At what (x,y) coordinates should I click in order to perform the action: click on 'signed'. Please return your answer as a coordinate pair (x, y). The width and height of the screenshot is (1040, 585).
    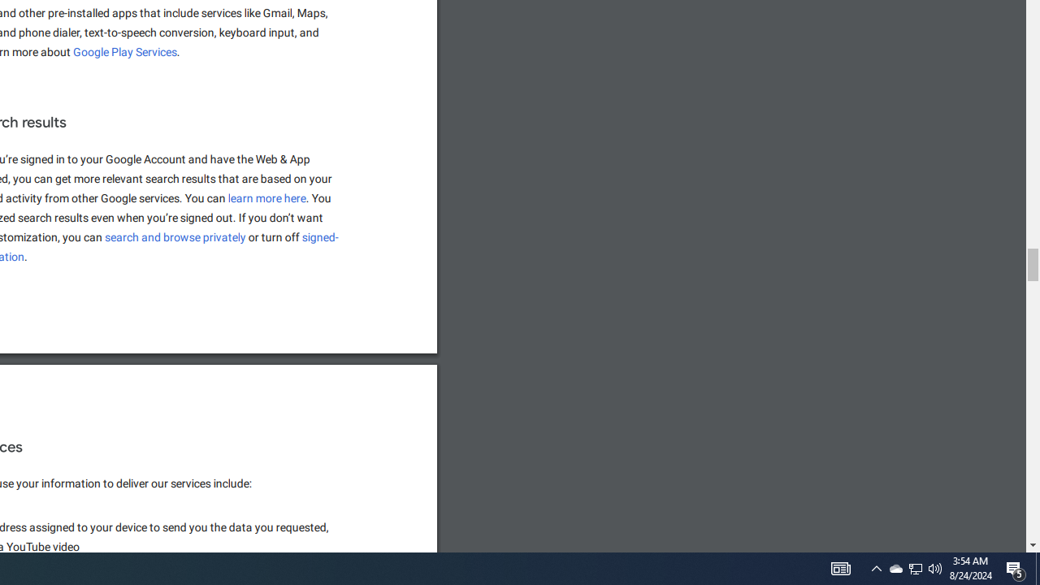
    Looking at the image, I should click on (321, 237).